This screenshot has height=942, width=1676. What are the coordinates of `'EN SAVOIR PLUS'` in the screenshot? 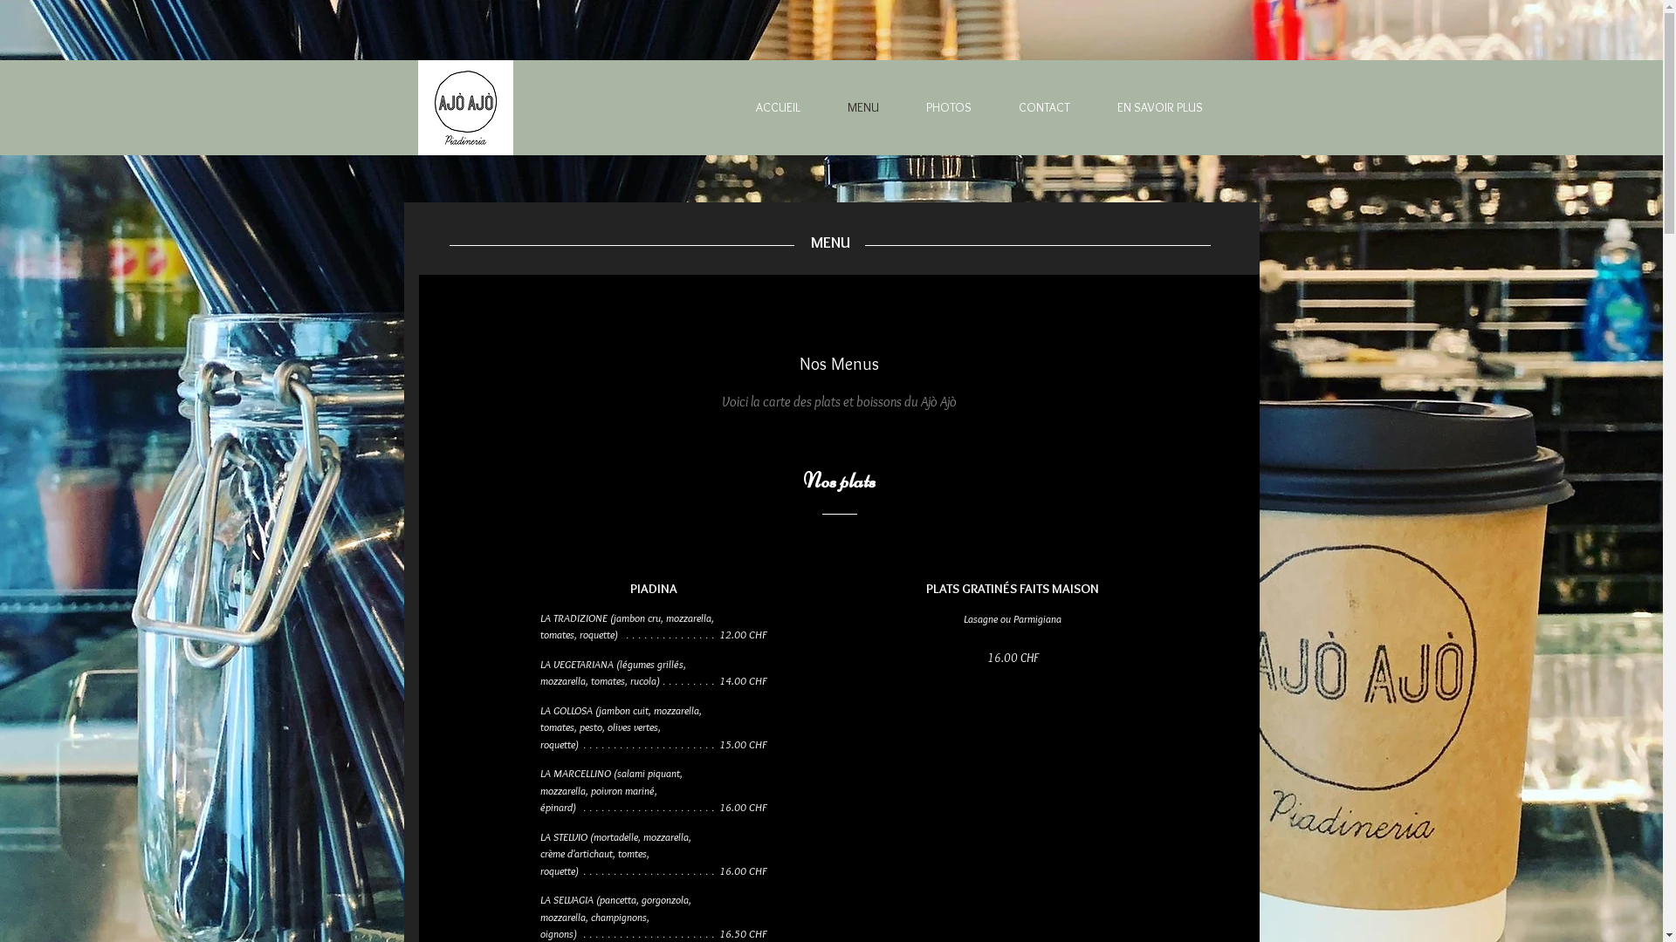 It's located at (1144, 107).